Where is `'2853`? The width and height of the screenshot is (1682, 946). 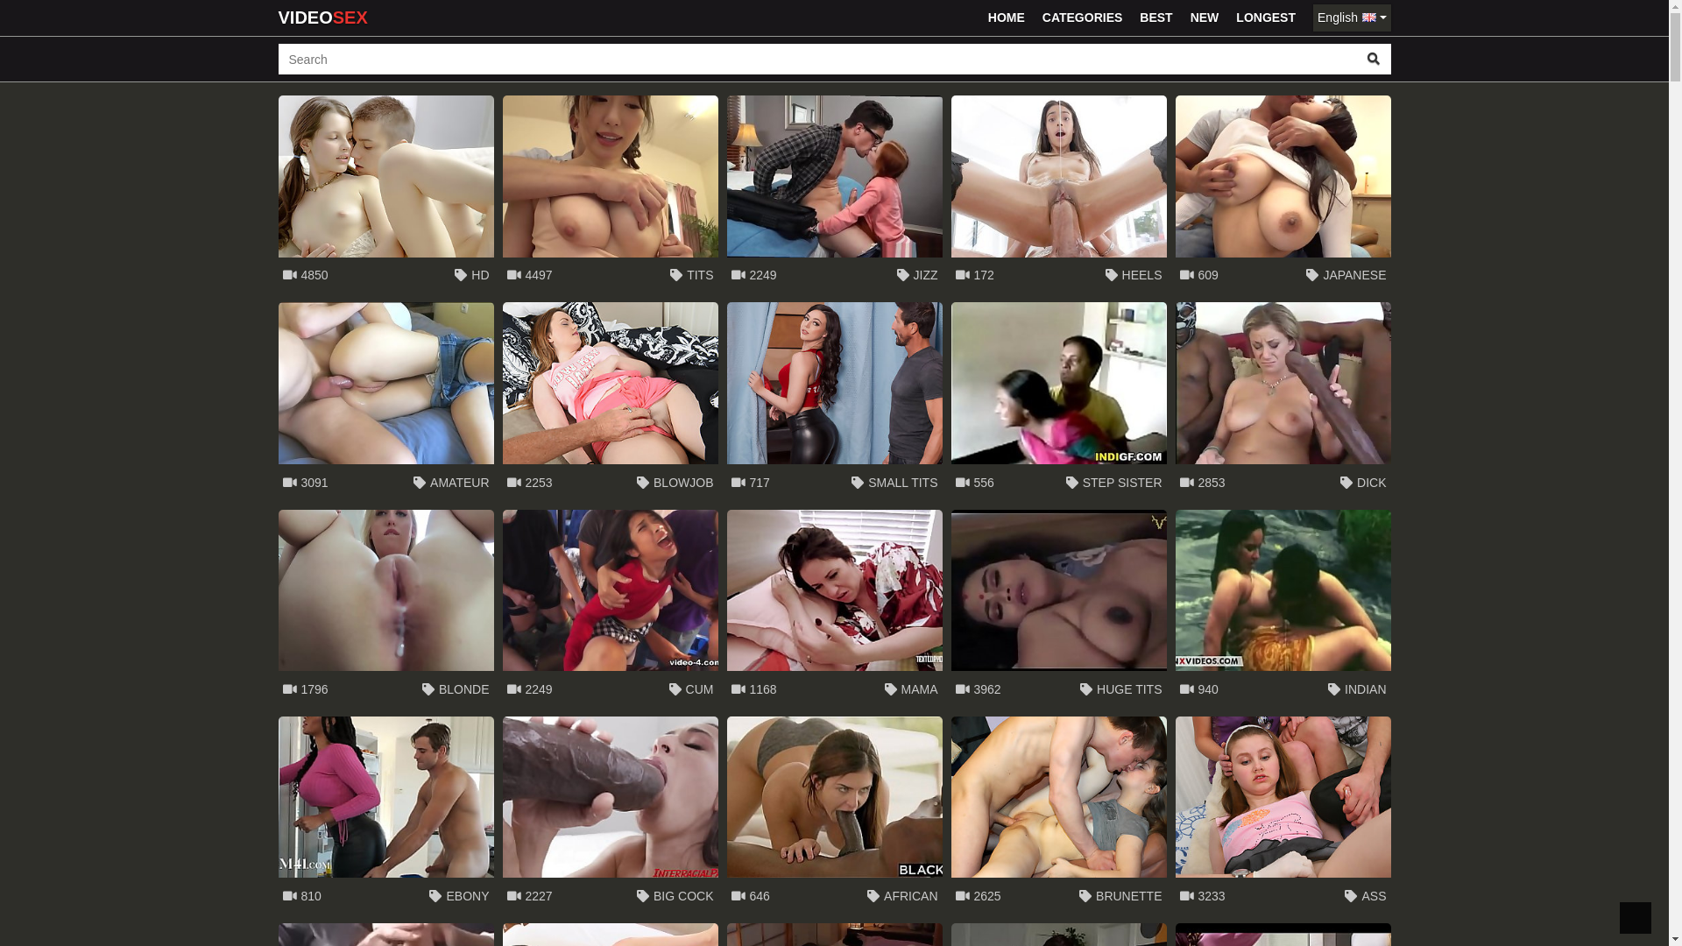 '2853 is located at coordinates (1283, 401).